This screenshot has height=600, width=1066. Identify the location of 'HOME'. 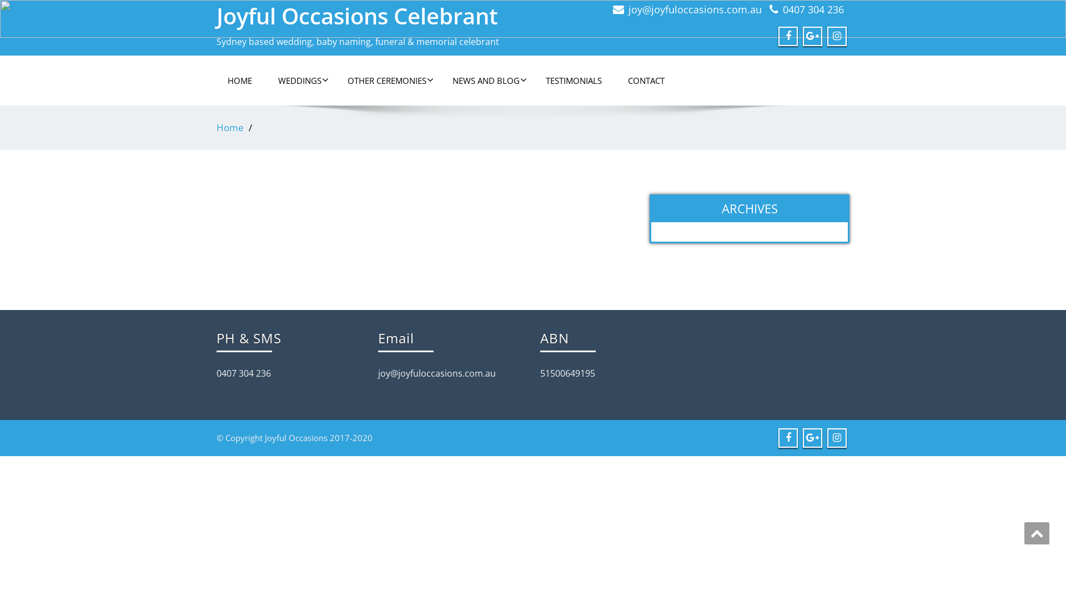
(239, 80).